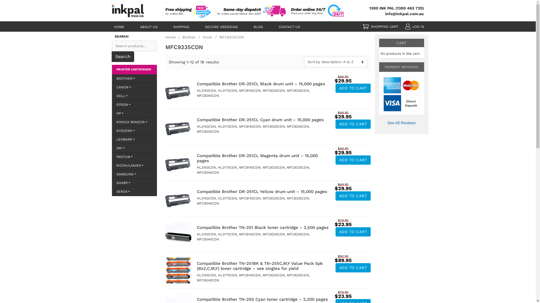  I want to click on 'BLOG', so click(258, 27).